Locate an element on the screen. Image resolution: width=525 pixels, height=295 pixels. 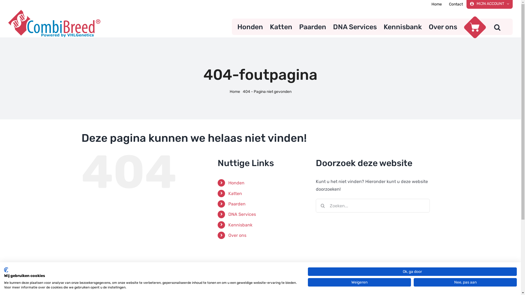
'Nee, pas aan' is located at coordinates (465, 282).